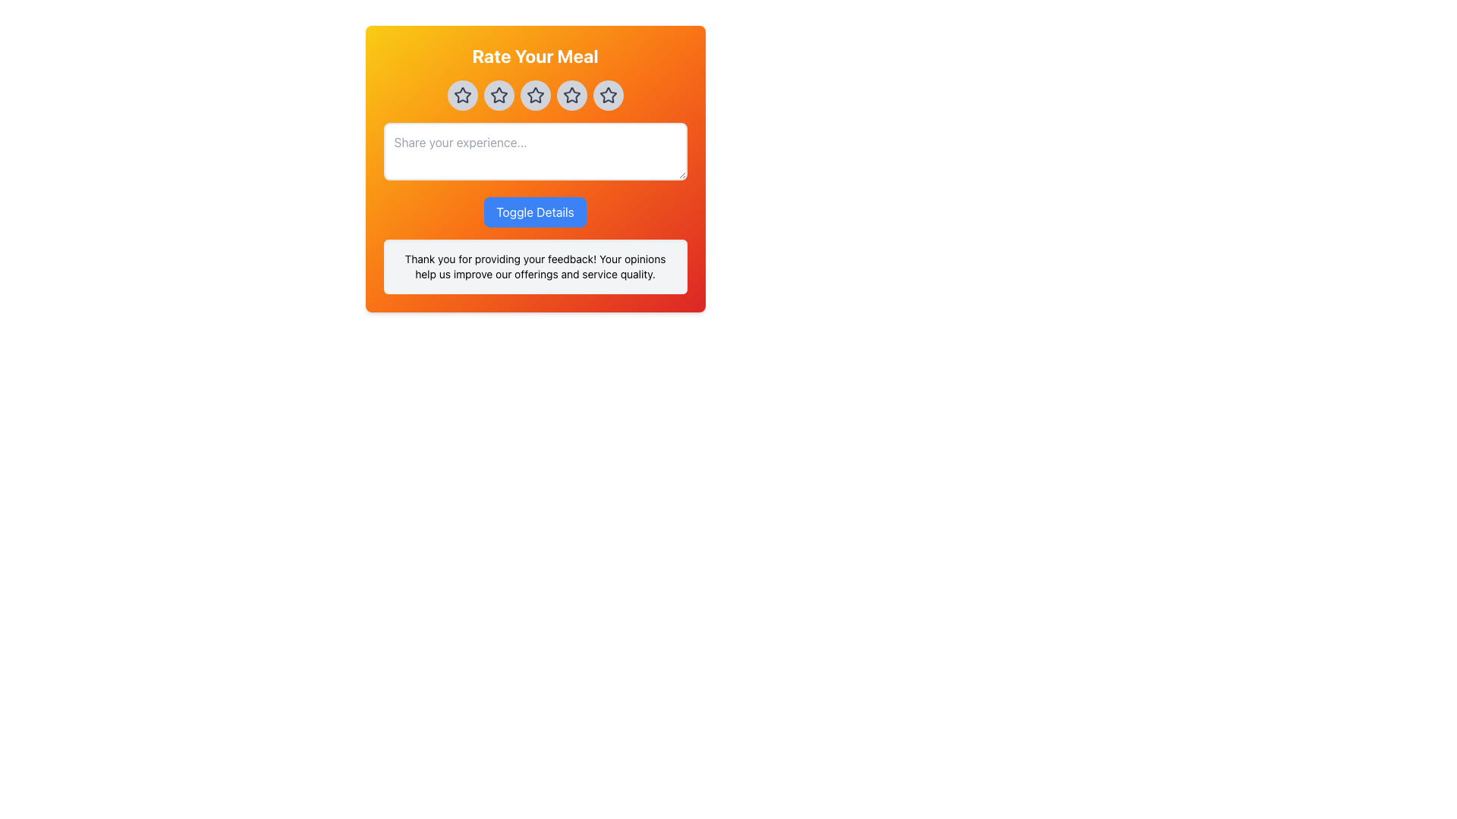 This screenshot has height=819, width=1457. What do you see at coordinates (461, 95) in the screenshot?
I see `the first star icon in the star rating control` at bounding box center [461, 95].